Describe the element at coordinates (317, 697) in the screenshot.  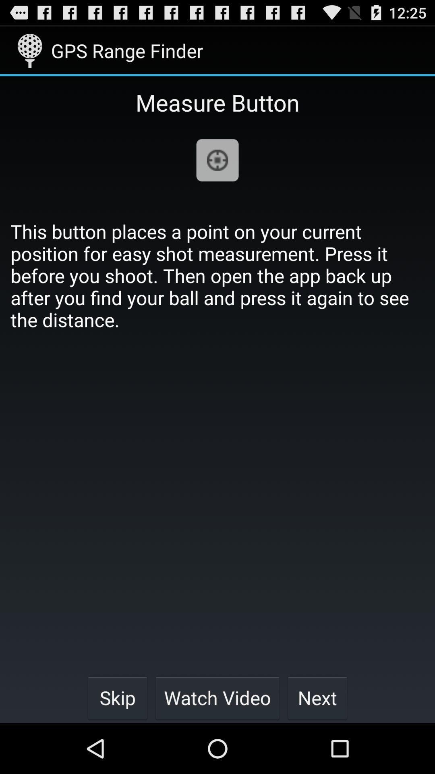
I see `the next` at that location.